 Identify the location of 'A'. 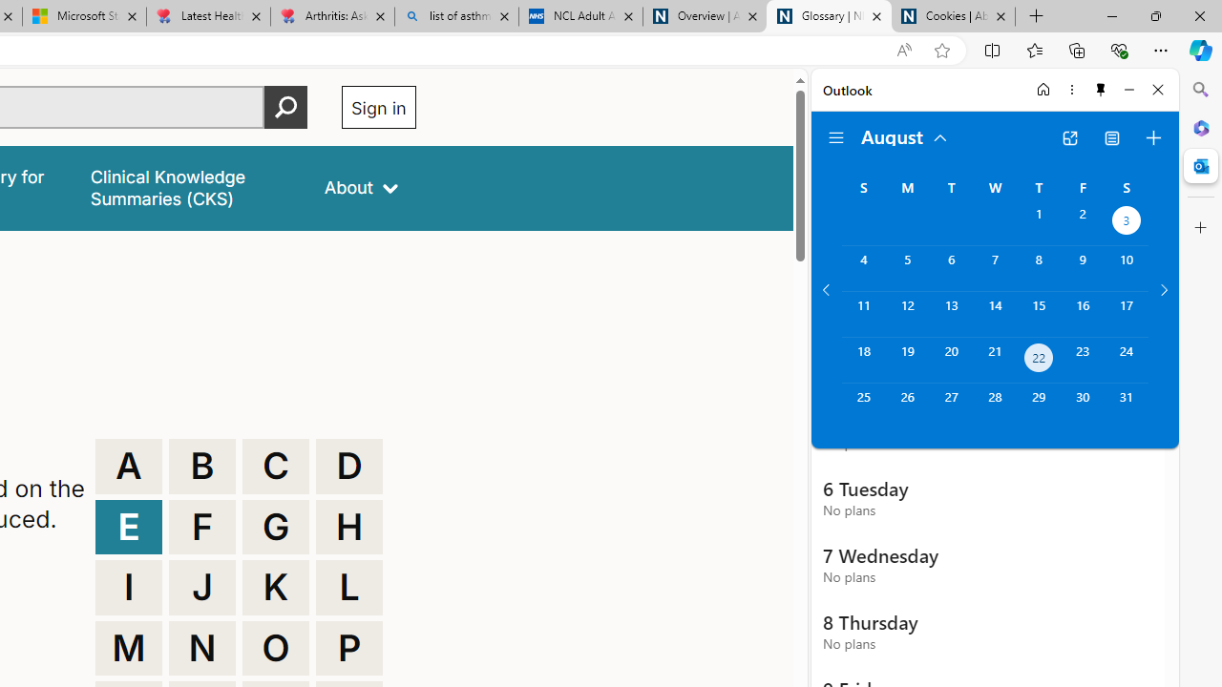
(128, 466).